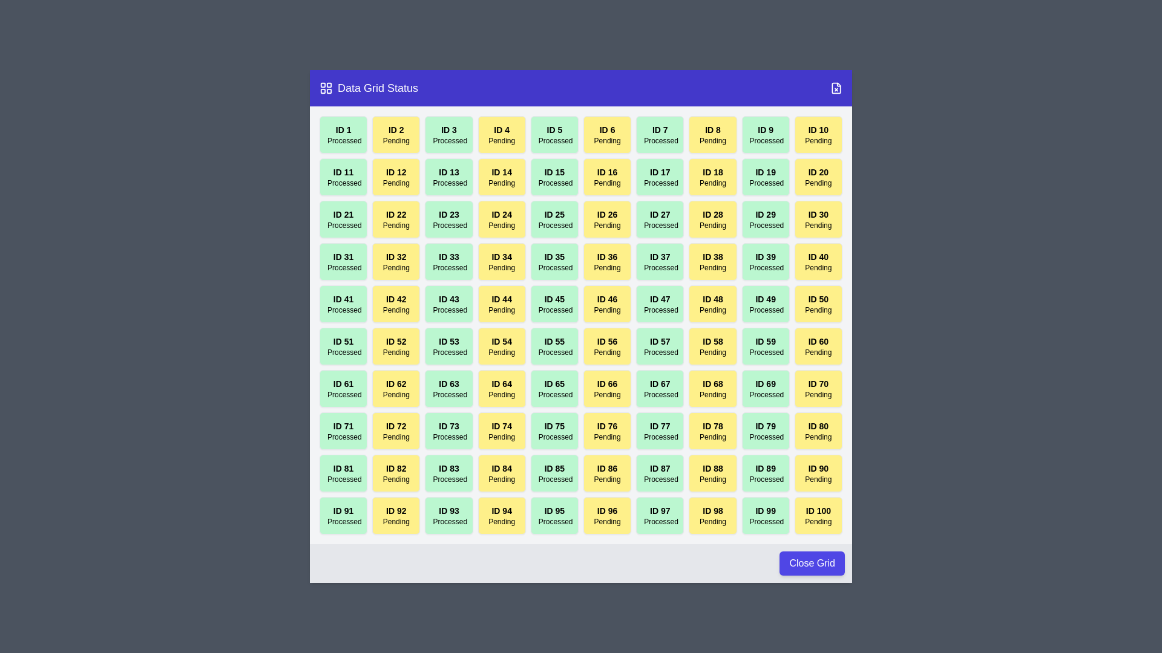  I want to click on the 'Close Grid' button to toggle the visibility of the dialog, so click(812, 564).